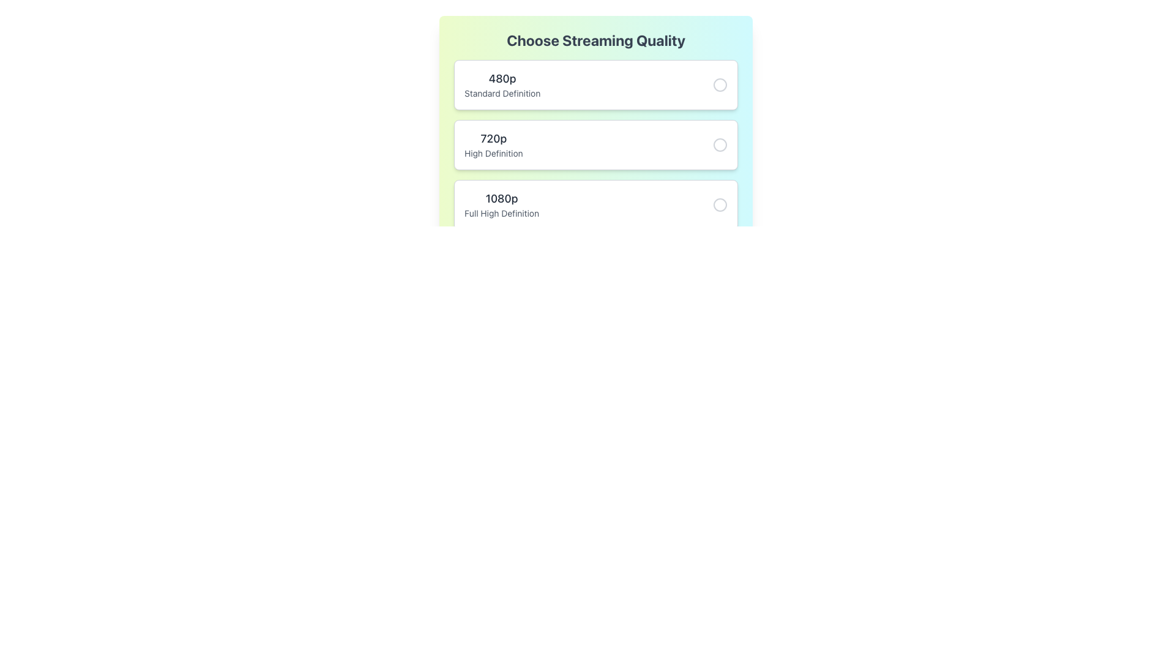 This screenshot has width=1175, height=661. What do you see at coordinates (720, 204) in the screenshot?
I see `the deselected radio button styled as a hollow circle with a gray border, located at the right end of the card labeled '1080p Full High Definition'` at bounding box center [720, 204].